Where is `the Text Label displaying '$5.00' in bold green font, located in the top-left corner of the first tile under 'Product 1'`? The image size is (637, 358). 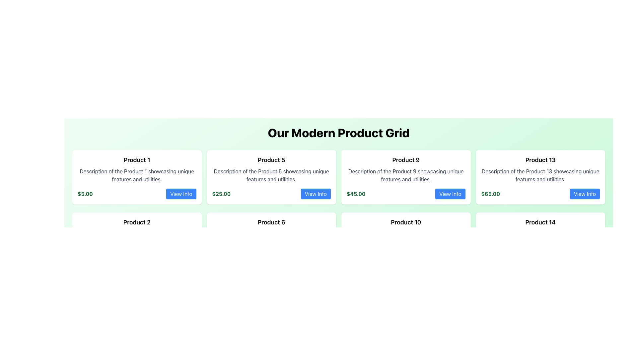 the Text Label displaying '$5.00' in bold green font, located in the top-left corner of the first tile under 'Product 1' is located at coordinates (85, 194).